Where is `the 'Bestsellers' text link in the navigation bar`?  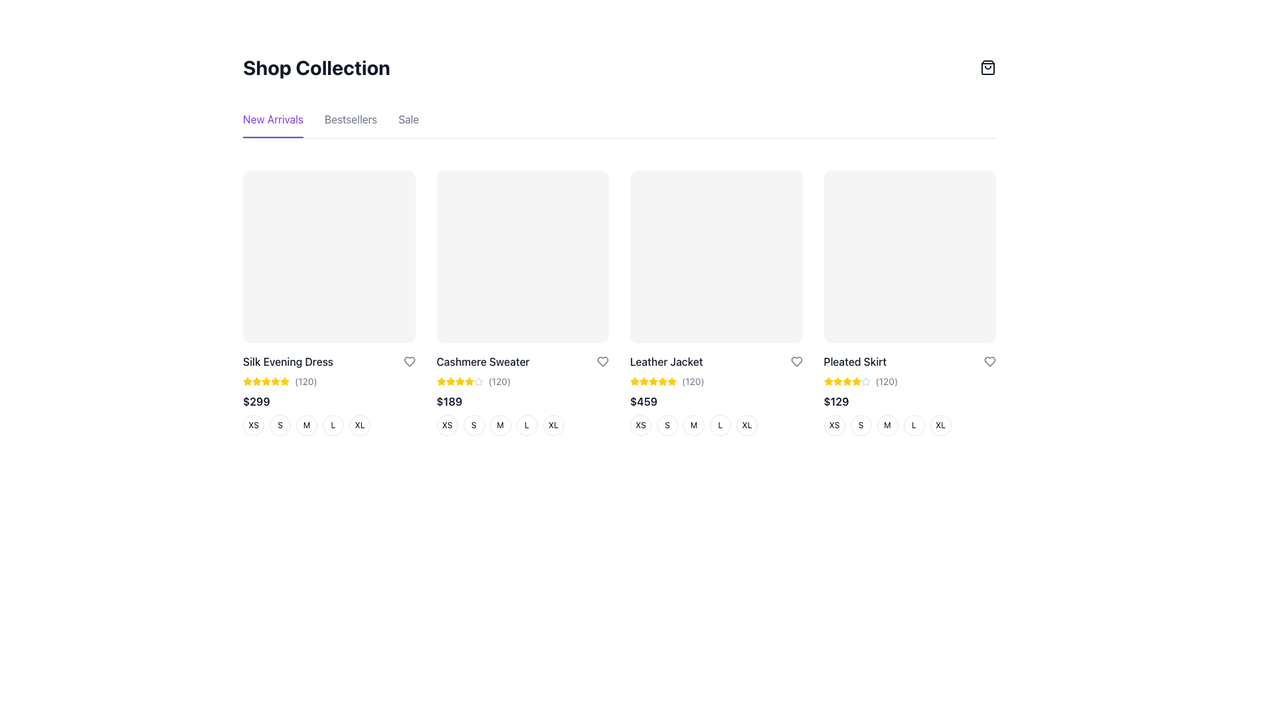
the 'Bestsellers' text link in the navigation bar is located at coordinates (351, 125).